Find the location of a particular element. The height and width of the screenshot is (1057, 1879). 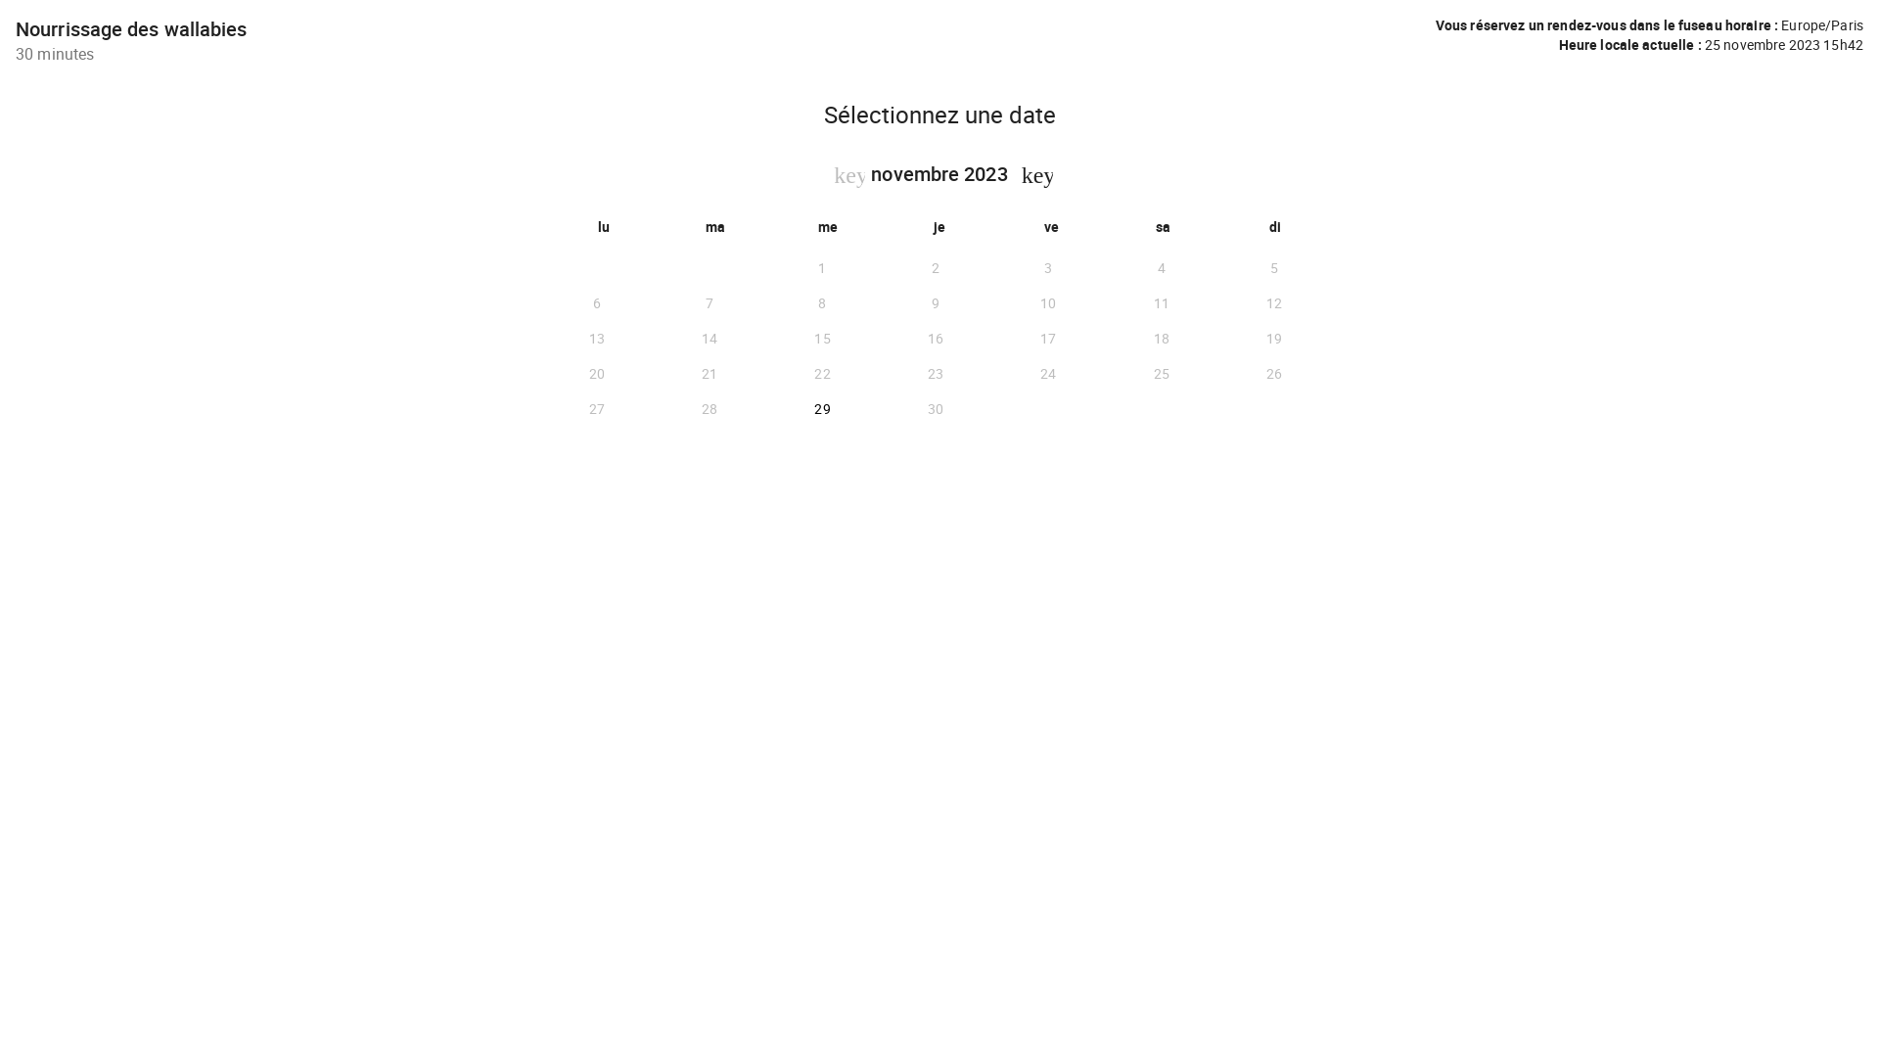

'5' is located at coordinates (1274, 267).